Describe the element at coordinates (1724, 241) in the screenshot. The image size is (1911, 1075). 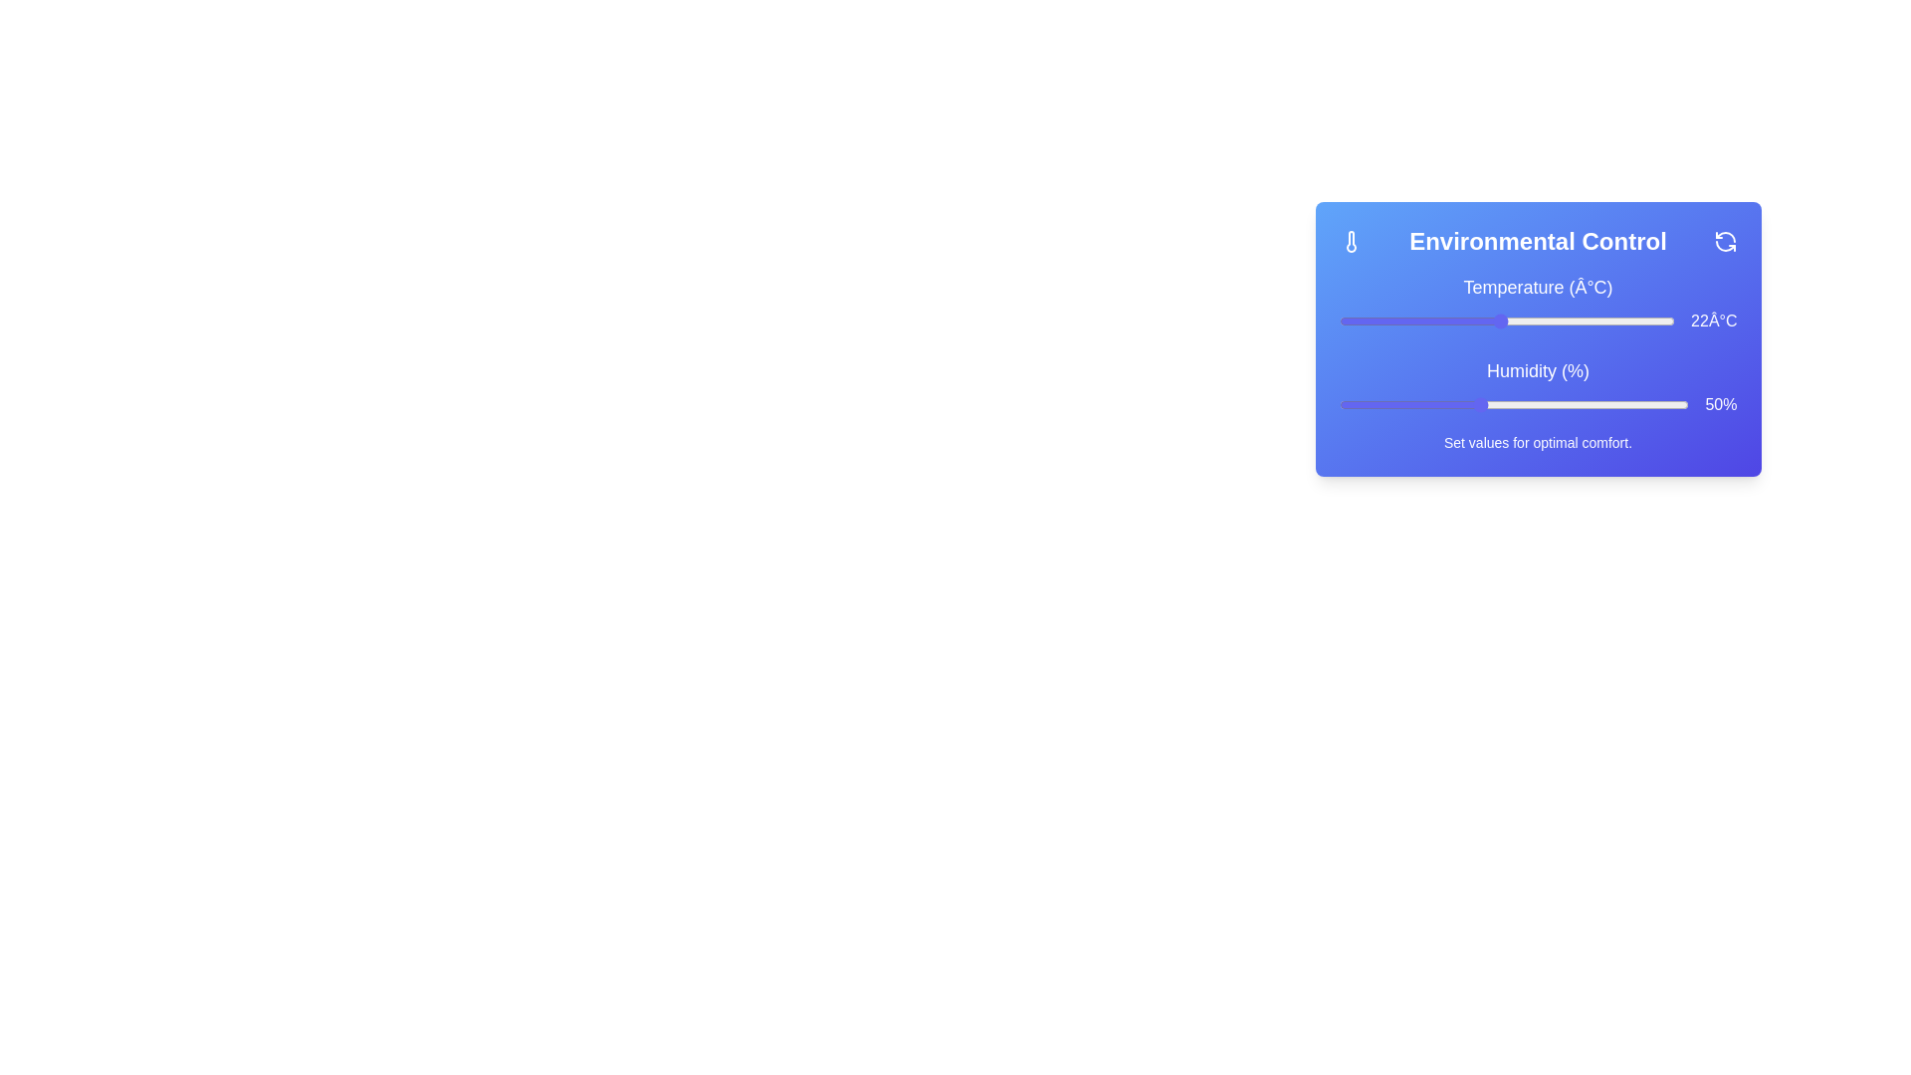
I see `the reset icon to reset the temperature and humidity to default values` at that location.